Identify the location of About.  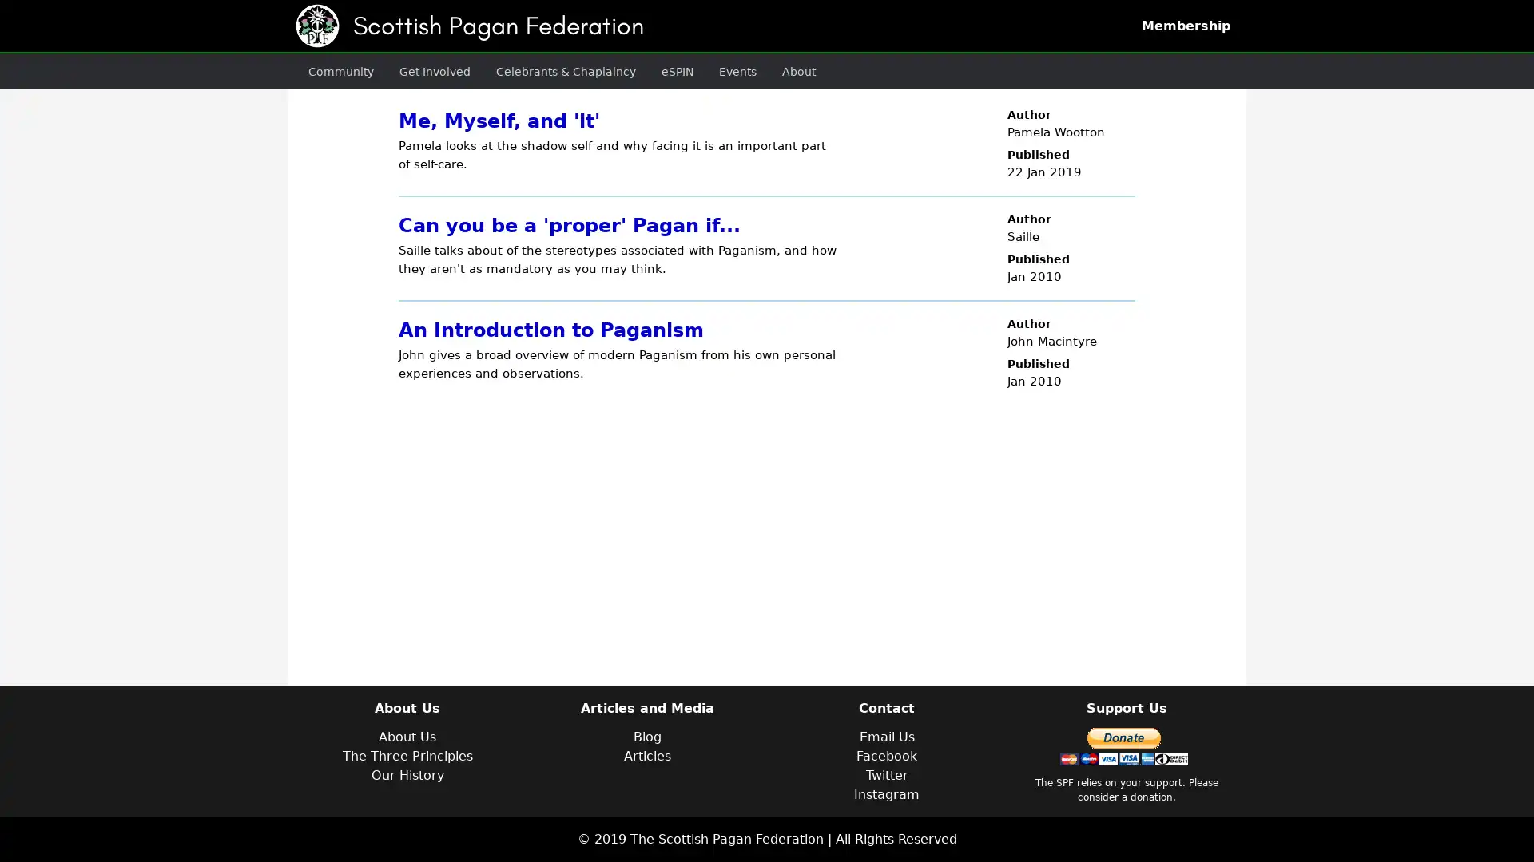
(761, 70).